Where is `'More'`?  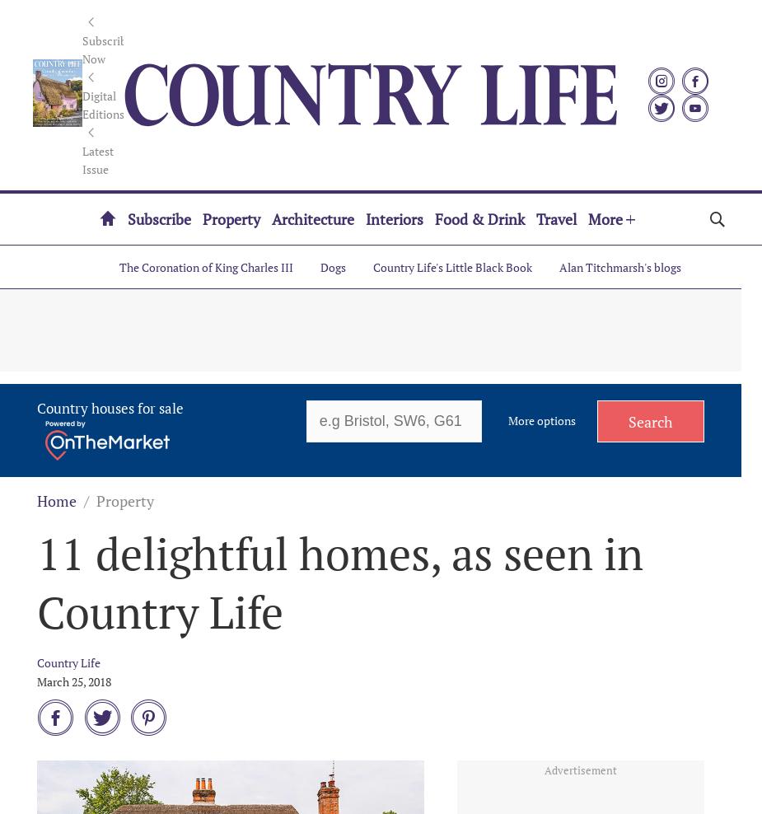 'More' is located at coordinates (607, 218).